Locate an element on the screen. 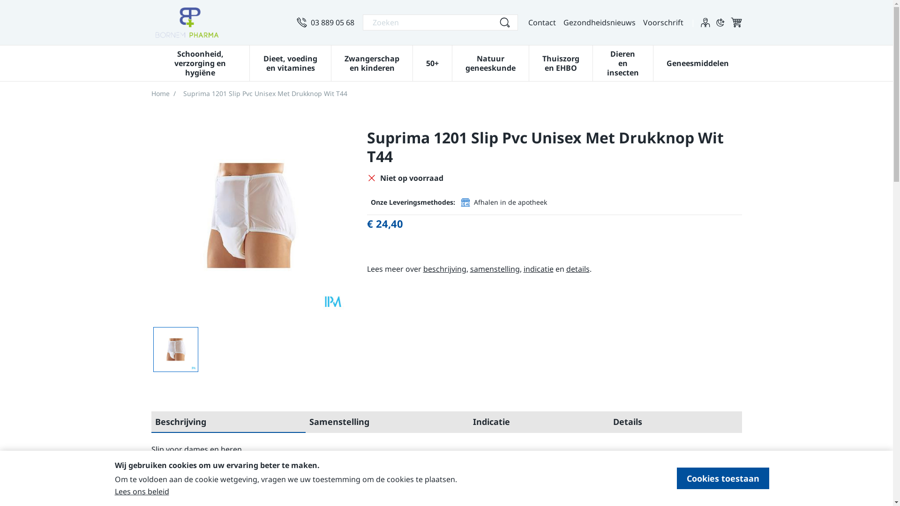 The image size is (900, 506). 'Dieet, voeding en vitamines' is located at coordinates (290, 62).